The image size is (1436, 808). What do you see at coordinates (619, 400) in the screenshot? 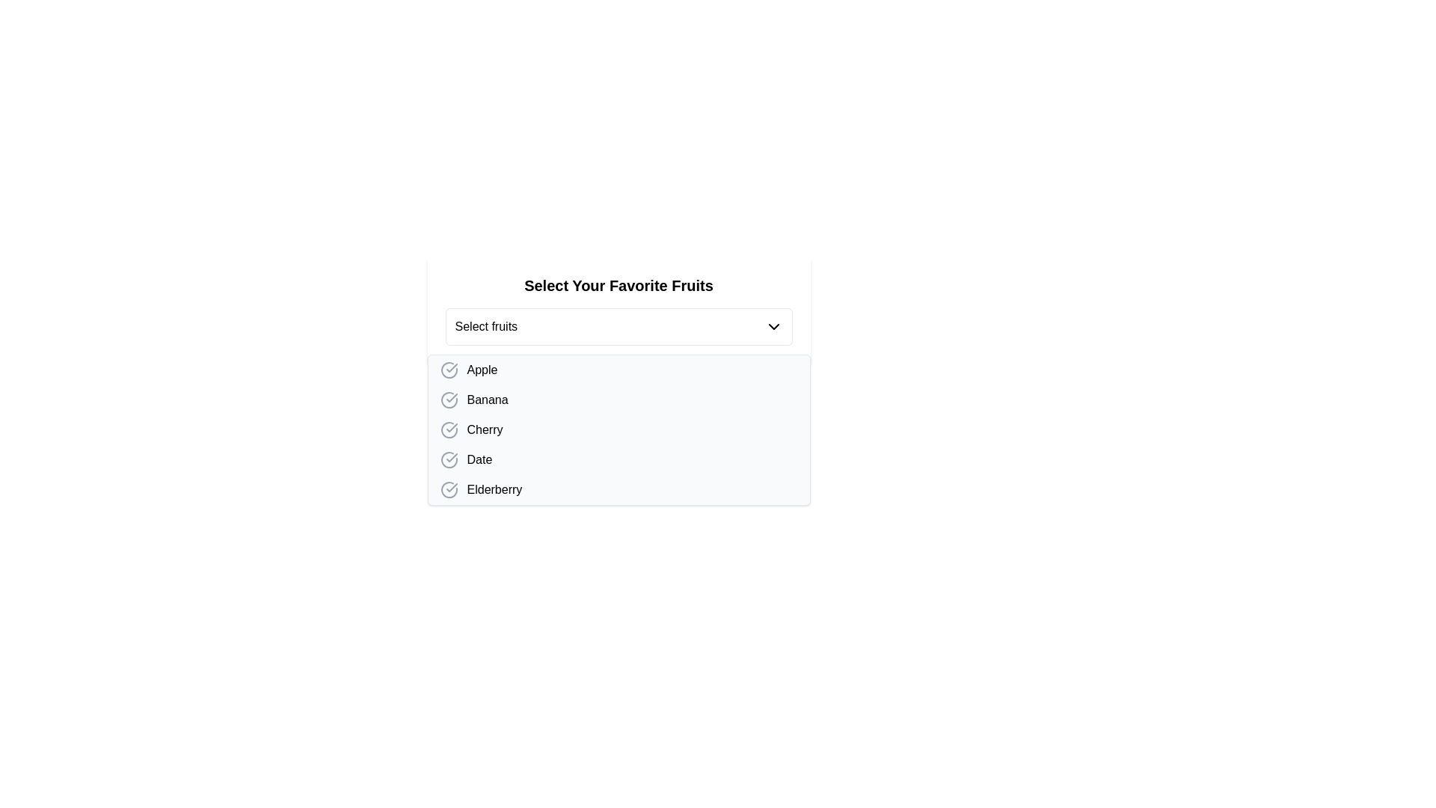
I see `the 'Banana' option in the list` at bounding box center [619, 400].